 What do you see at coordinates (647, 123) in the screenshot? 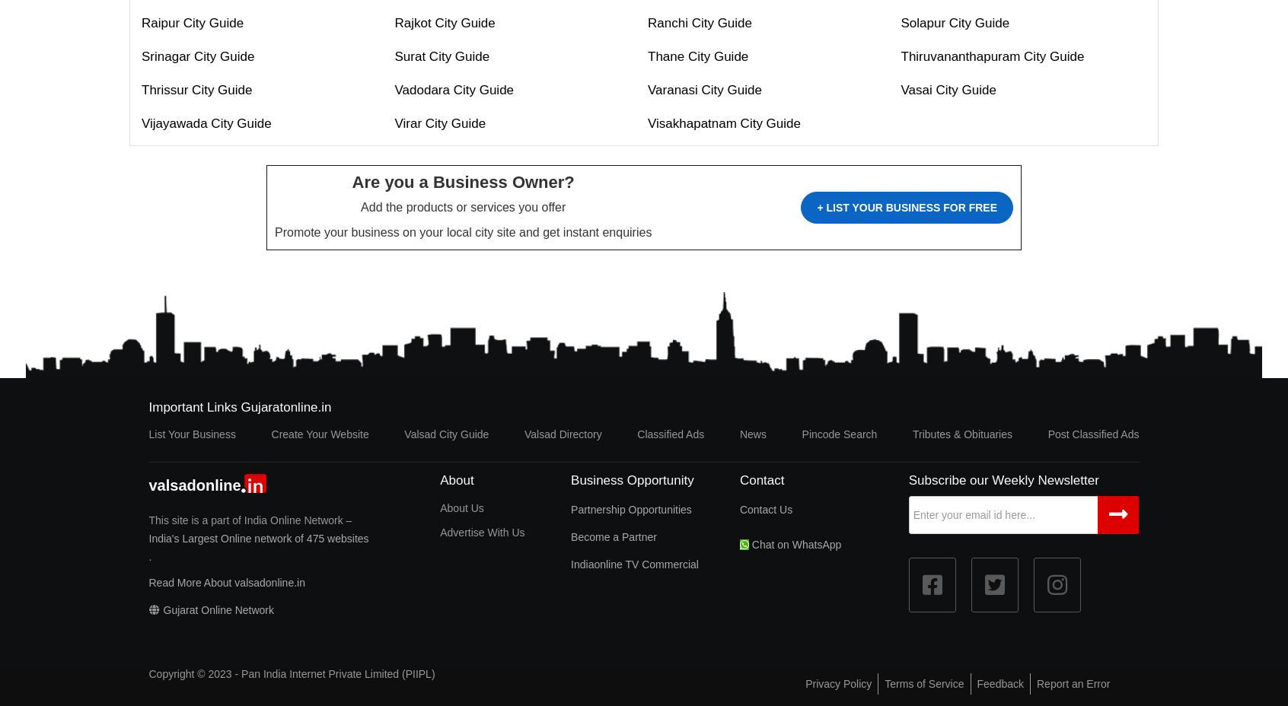
I see `'Visakhapatnam City Guide'` at bounding box center [647, 123].